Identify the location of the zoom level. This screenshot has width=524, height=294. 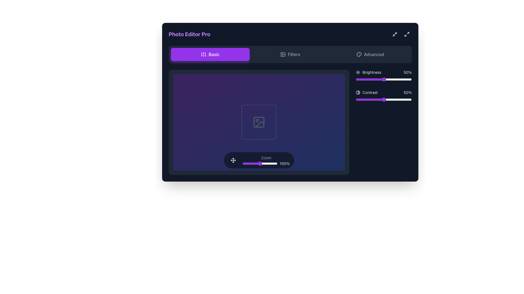
(263, 163).